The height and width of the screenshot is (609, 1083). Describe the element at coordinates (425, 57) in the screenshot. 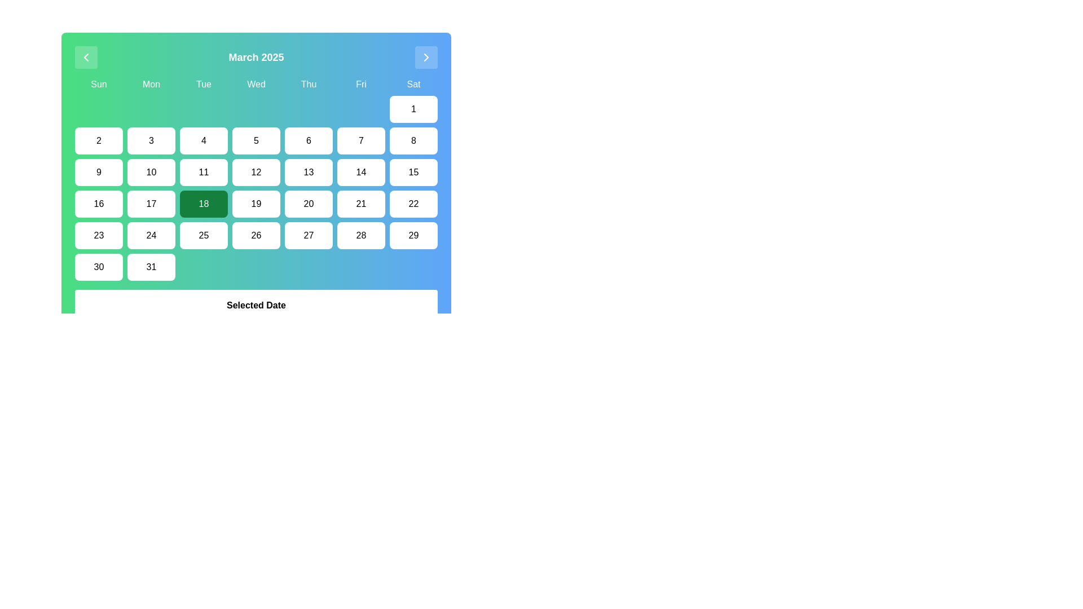

I see `the small arrow icon button with a white border and translucent background located in the top-right corner of the calendar interface adjacent to 'March 2025'` at that location.